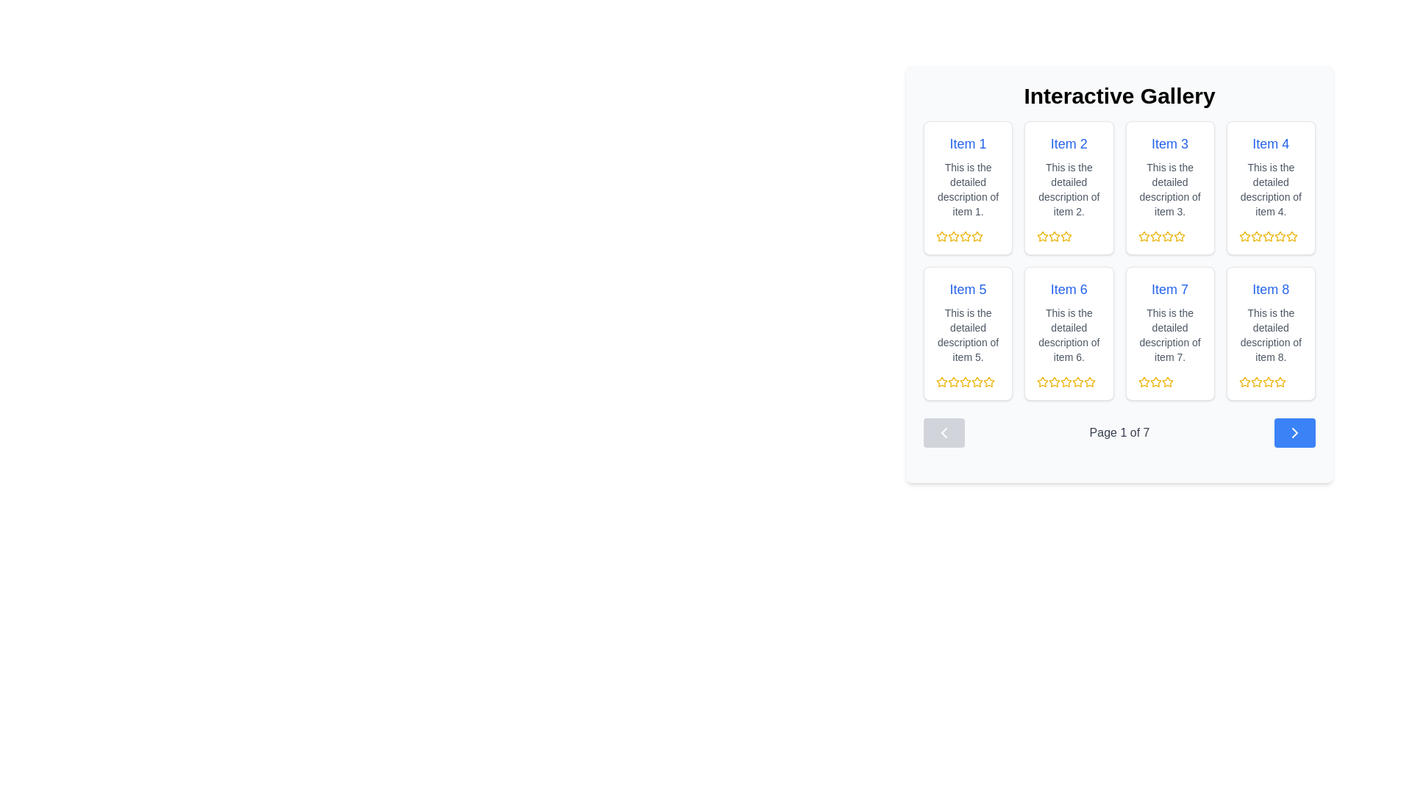  What do you see at coordinates (1069, 334) in the screenshot?
I see `description of the Informational card located in the second row and second column of a 2x4 grid layout` at bounding box center [1069, 334].